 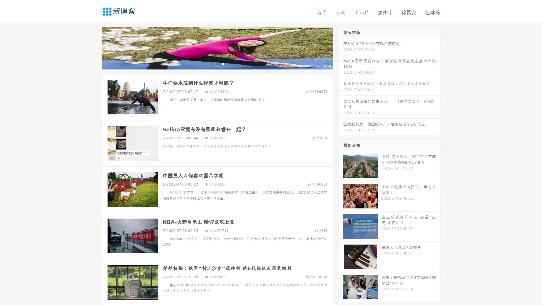 I want to click on Go to slide 3, so click(x=223, y=64).